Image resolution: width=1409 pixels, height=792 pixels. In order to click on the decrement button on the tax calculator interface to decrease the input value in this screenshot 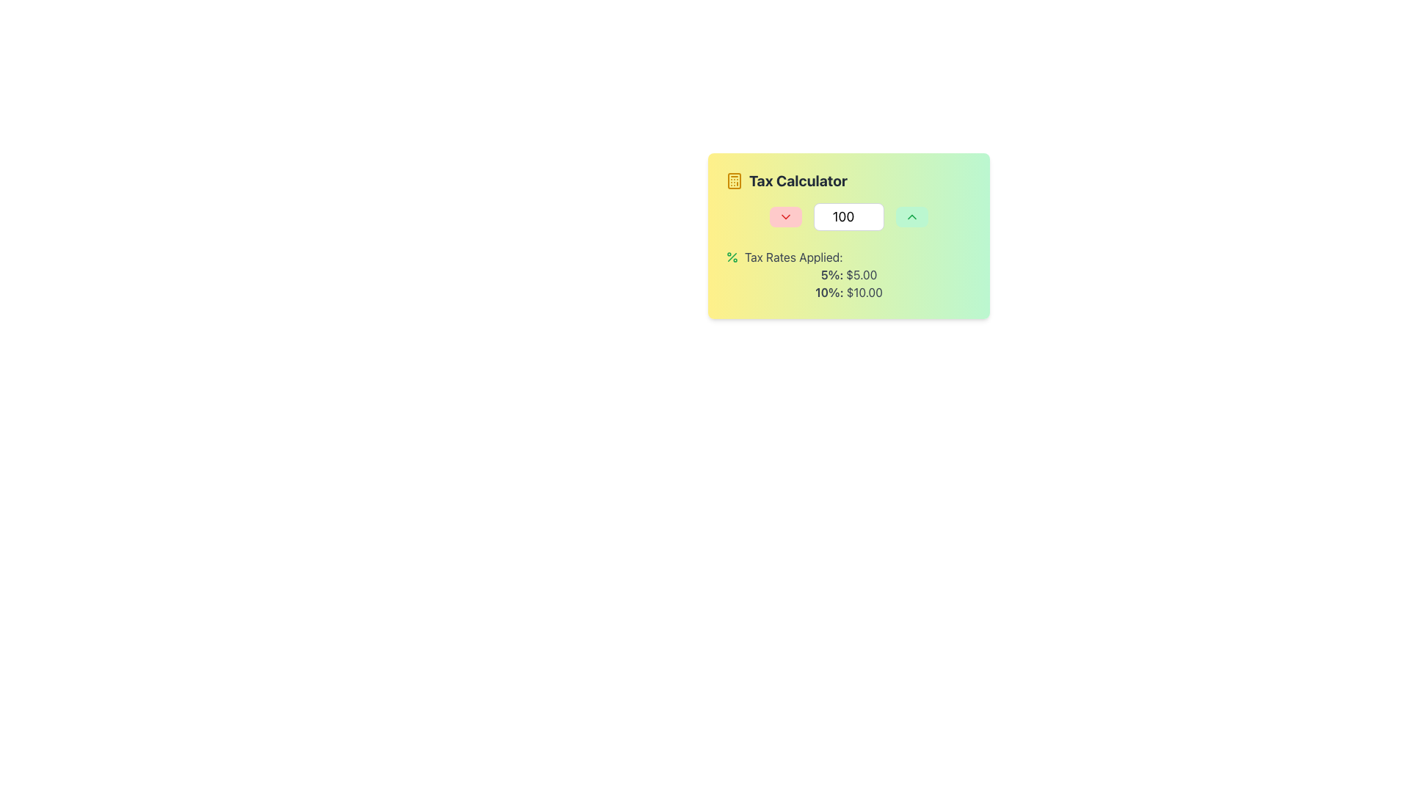, I will do `click(848, 235)`.